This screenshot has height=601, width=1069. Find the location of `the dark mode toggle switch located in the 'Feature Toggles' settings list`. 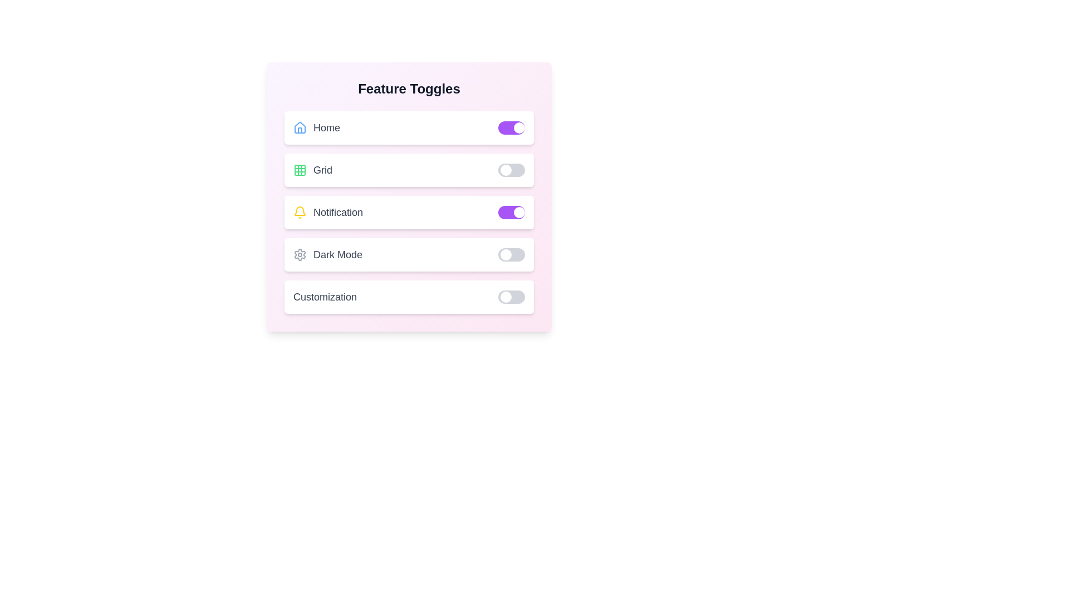

the dark mode toggle switch located in the 'Feature Toggles' settings list is located at coordinates (408, 255).